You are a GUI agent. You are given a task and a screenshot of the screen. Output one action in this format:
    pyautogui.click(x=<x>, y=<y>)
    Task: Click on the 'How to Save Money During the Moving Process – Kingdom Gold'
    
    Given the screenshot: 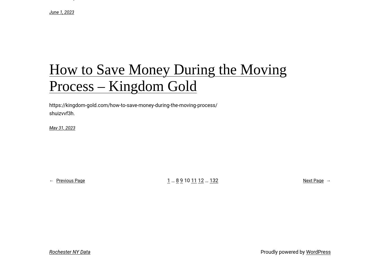 What is the action you would take?
    pyautogui.click(x=168, y=77)
    